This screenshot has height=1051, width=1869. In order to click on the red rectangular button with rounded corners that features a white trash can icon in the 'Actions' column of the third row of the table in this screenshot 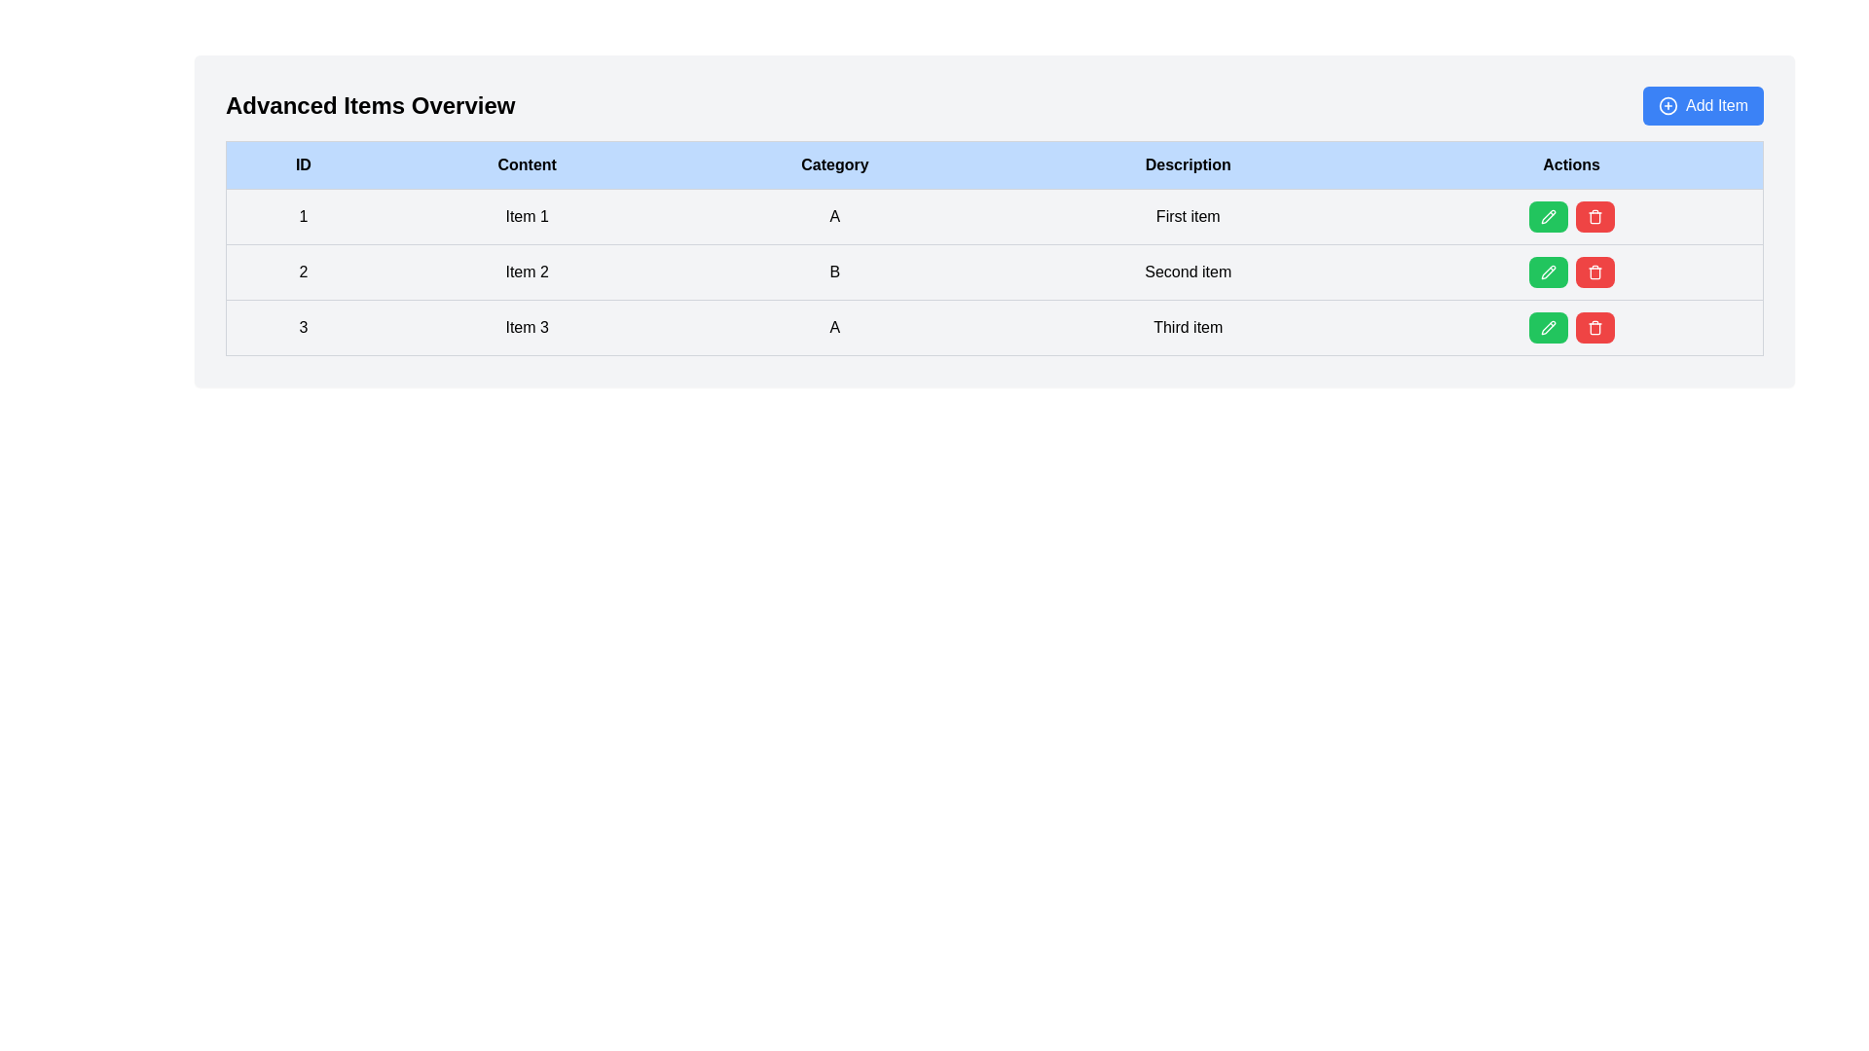, I will do `click(1594, 326)`.